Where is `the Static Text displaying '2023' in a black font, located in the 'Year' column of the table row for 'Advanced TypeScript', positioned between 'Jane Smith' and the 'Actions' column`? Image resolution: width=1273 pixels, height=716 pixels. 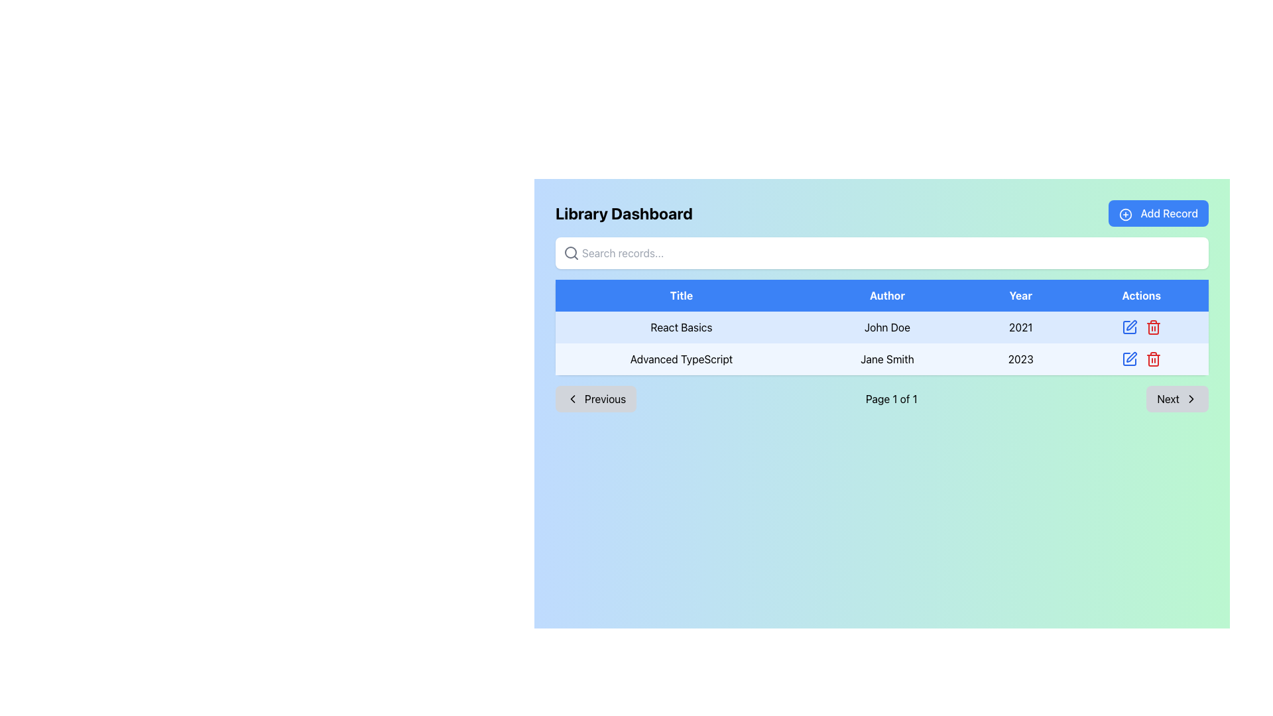 the Static Text displaying '2023' in a black font, located in the 'Year' column of the table row for 'Advanced TypeScript', positioned between 'Jane Smith' and the 'Actions' column is located at coordinates (1020, 359).